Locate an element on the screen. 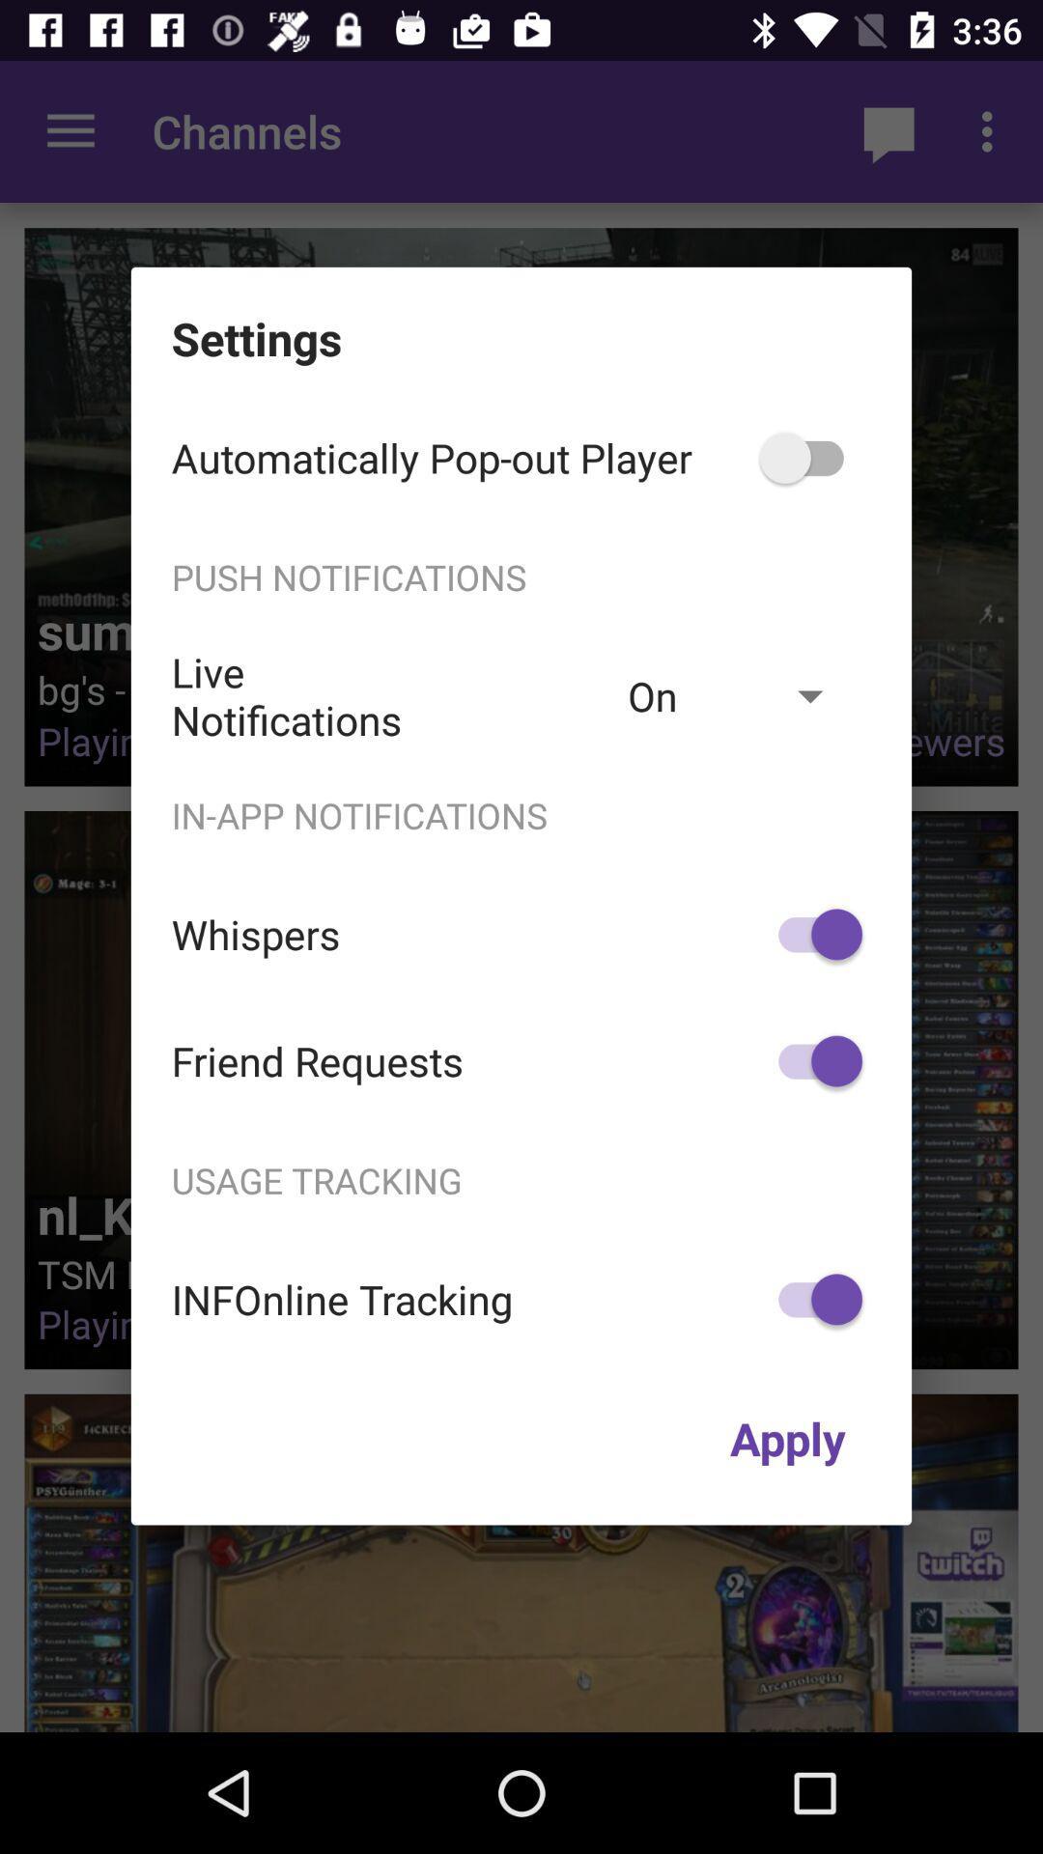 The image size is (1043, 1854). icon at the top right corner is located at coordinates (811, 457).